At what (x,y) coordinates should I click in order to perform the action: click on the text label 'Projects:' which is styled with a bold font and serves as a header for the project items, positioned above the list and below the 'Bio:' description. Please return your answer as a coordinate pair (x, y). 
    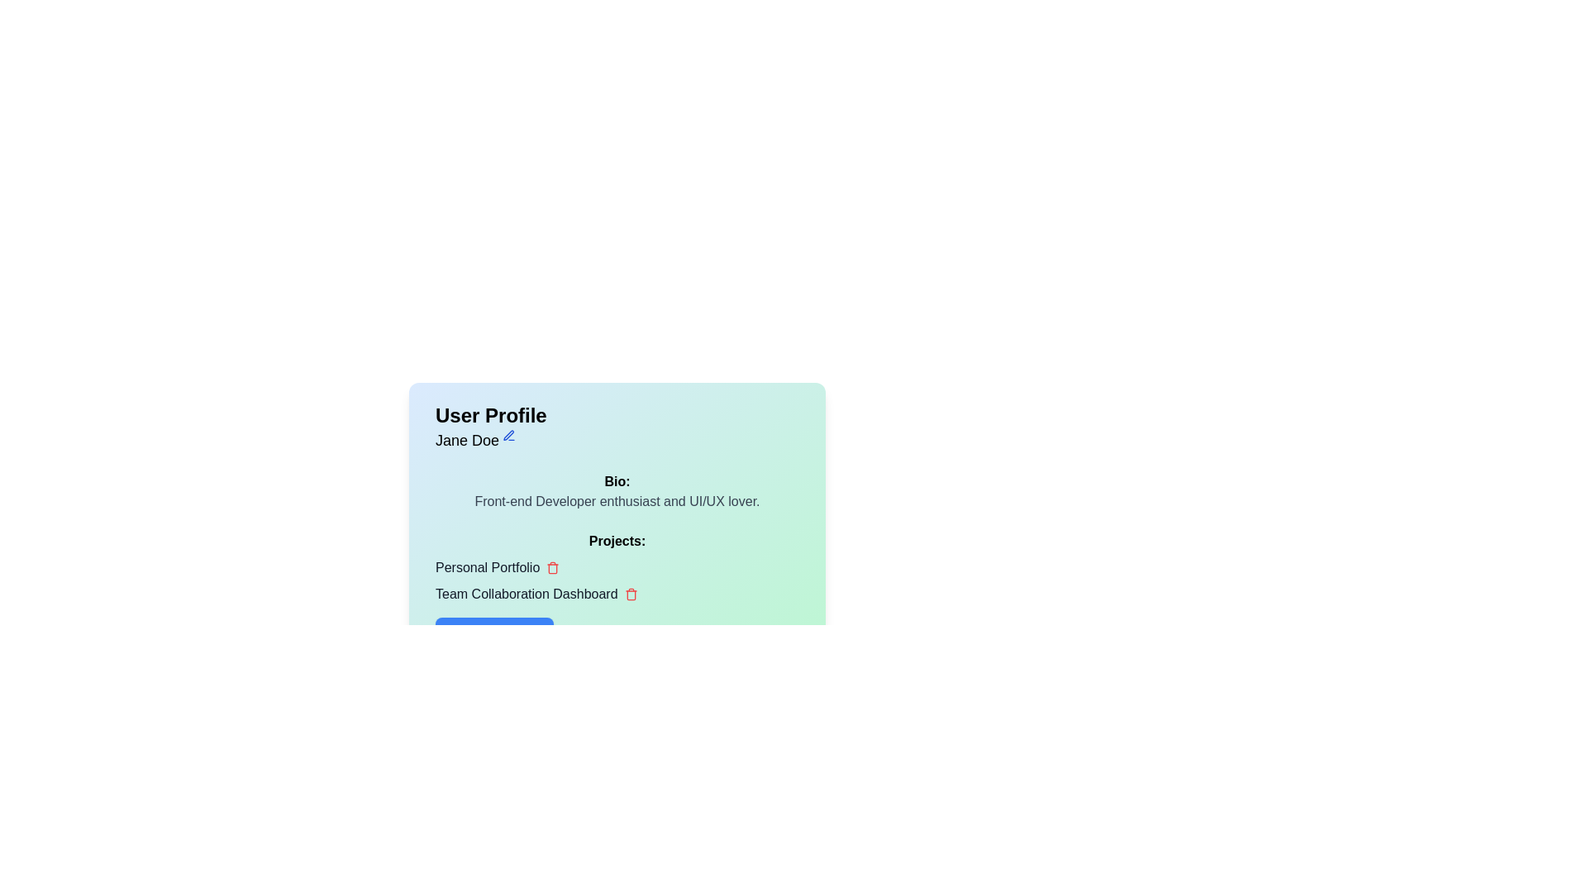
    Looking at the image, I should click on (617, 542).